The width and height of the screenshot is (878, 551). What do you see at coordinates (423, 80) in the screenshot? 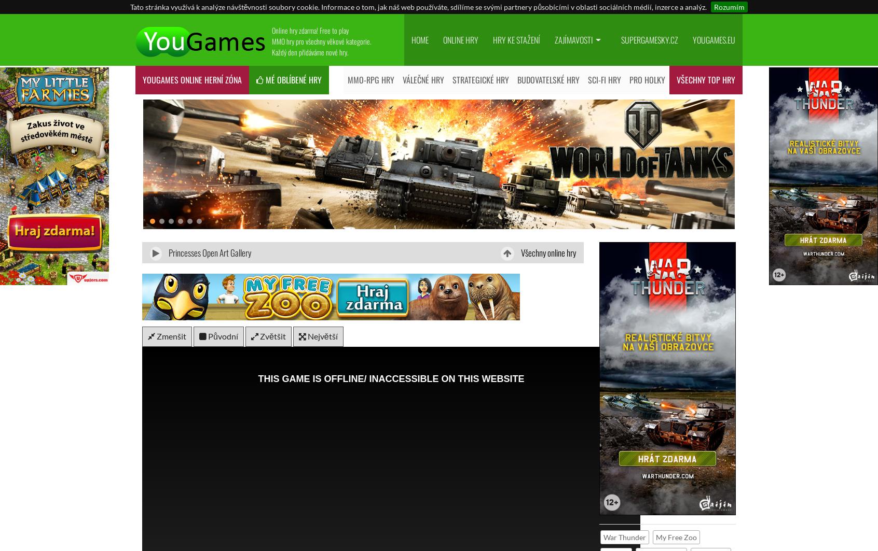
I see `'Válečné hry'` at bounding box center [423, 80].